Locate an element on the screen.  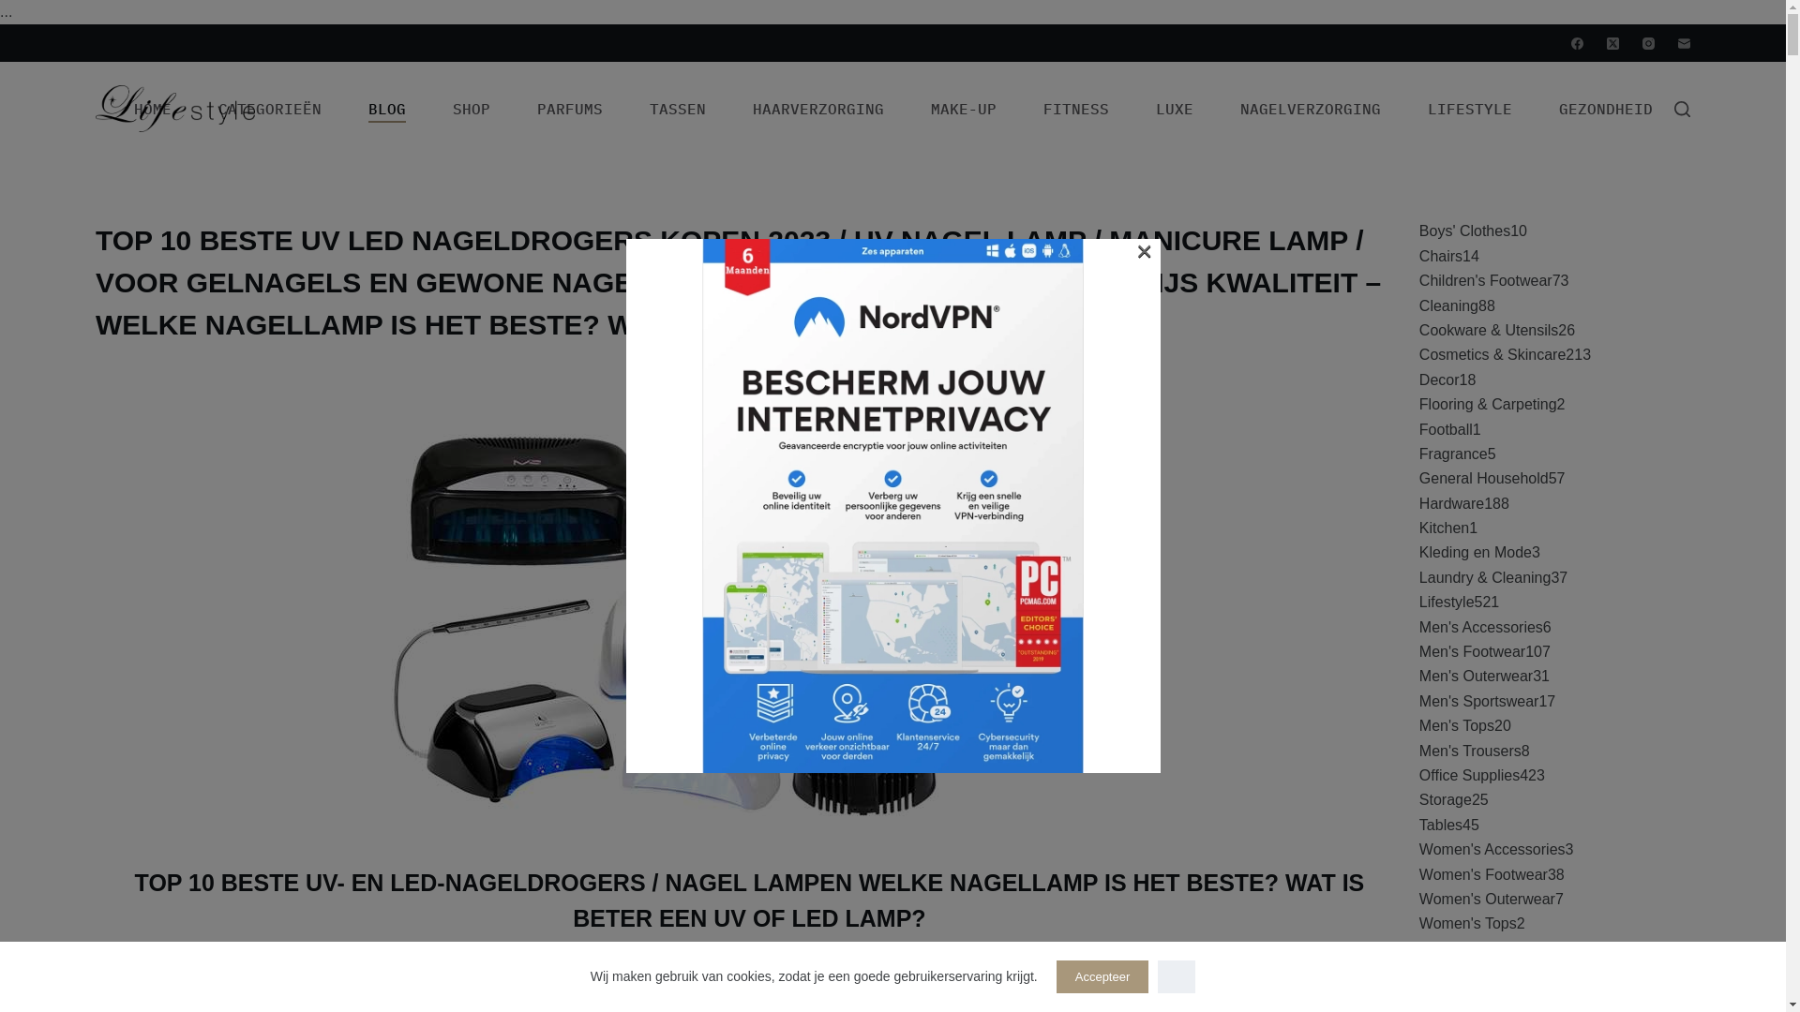
'Cookware & Utensils' is located at coordinates (1488, 329).